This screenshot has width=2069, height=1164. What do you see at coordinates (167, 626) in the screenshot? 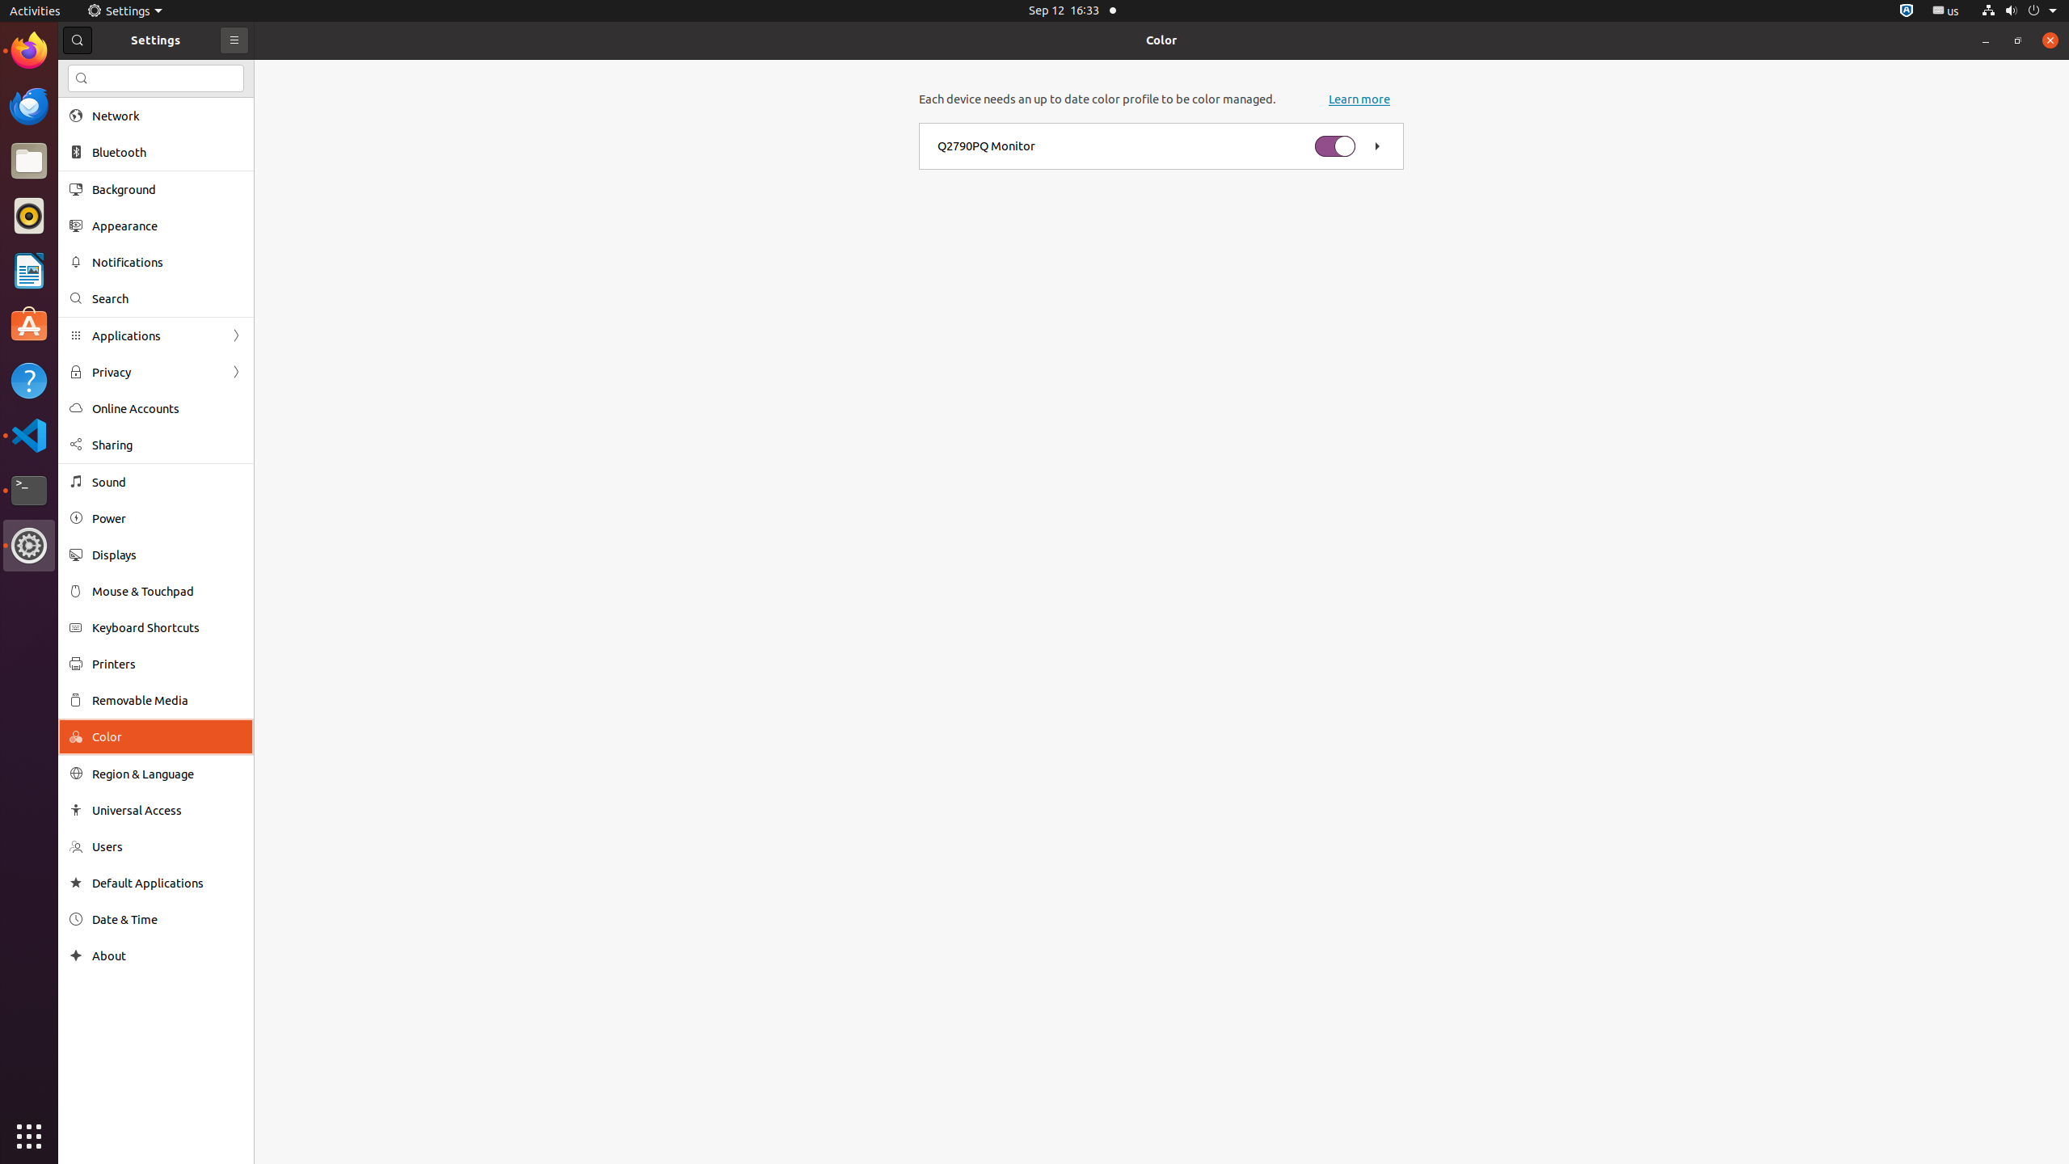
I see `'Keyboard Shortcuts'` at bounding box center [167, 626].